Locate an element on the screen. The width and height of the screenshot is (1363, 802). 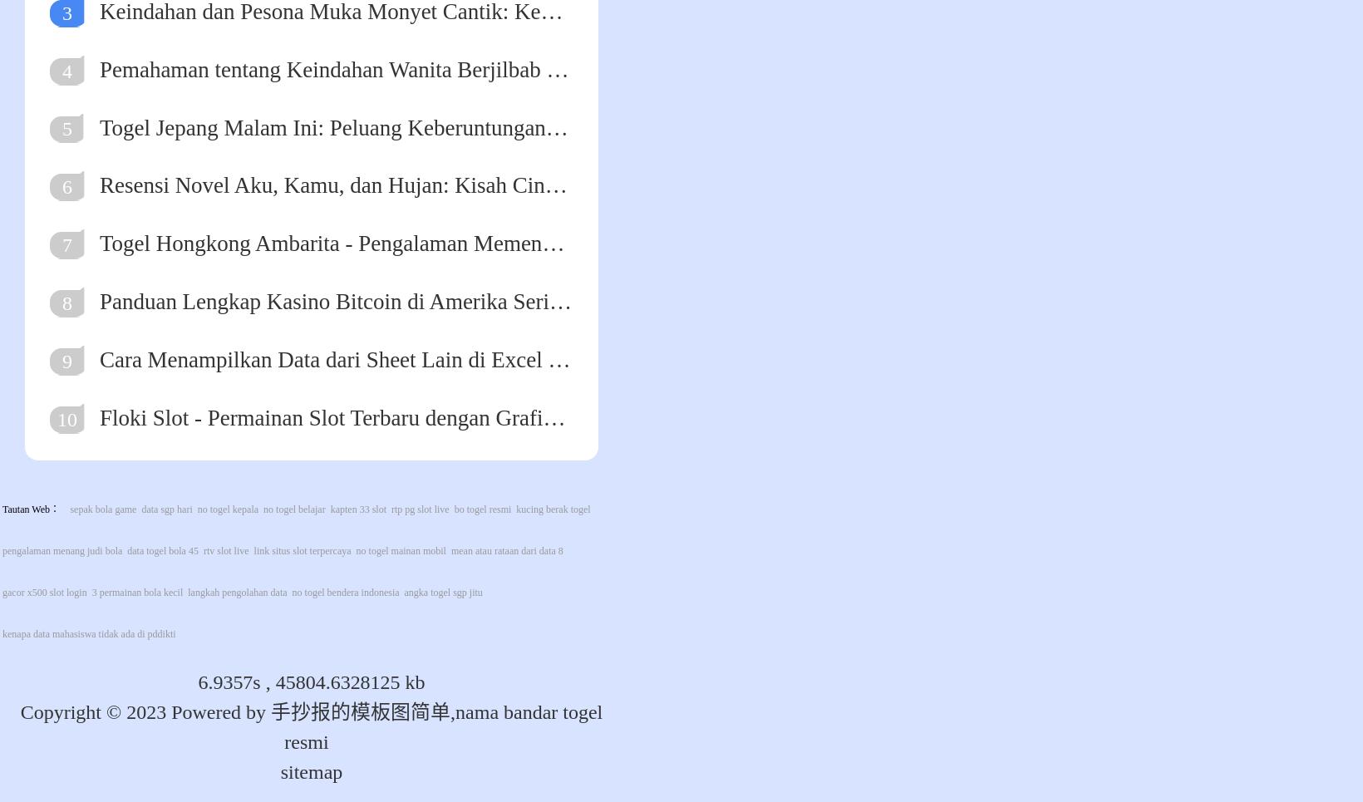
'7' is located at coordinates (60, 245).